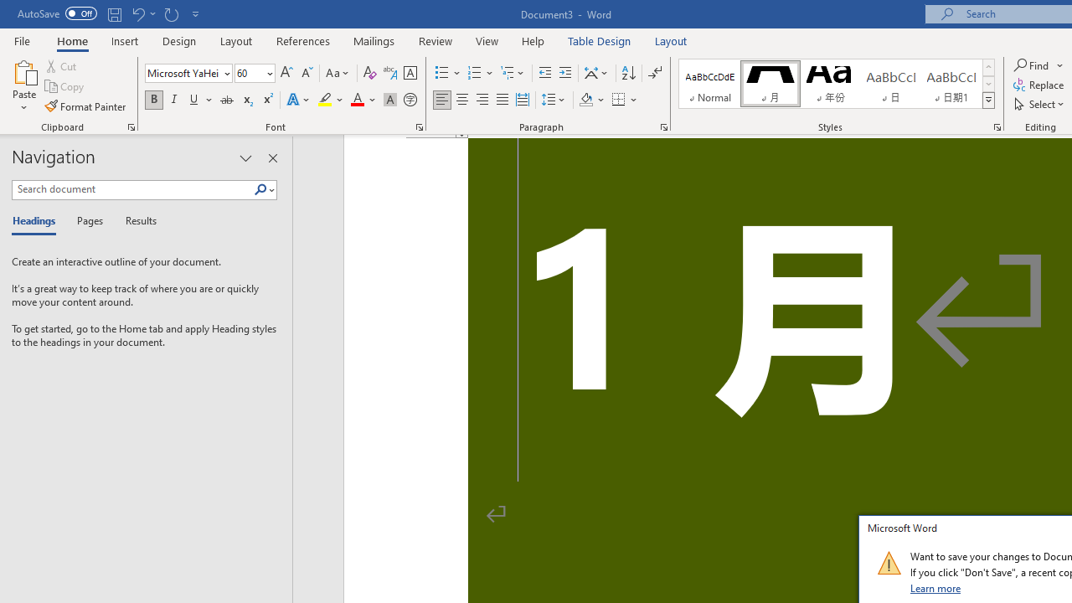 The height and width of the screenshot is (603, 1072). What do you see at coordinates (225, 100) in the screenshot?
I see `'Strikethrough'` at bounding box center [225, 100].